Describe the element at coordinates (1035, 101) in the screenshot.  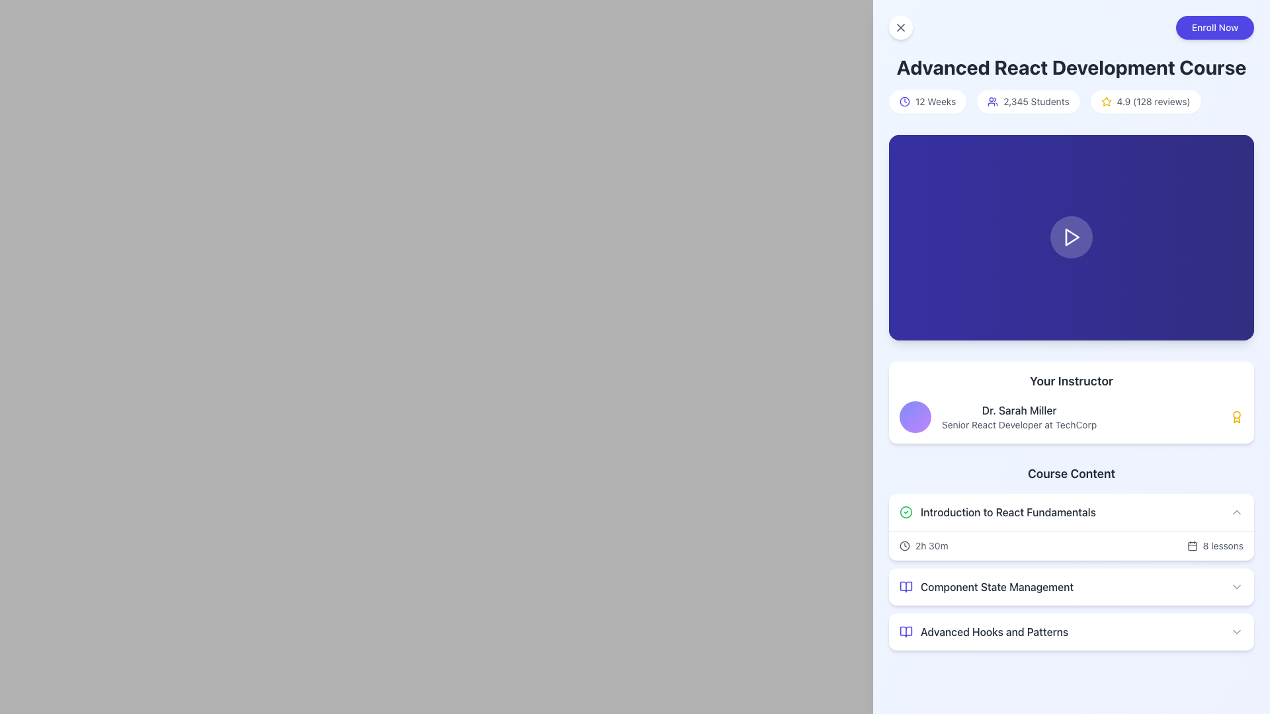
I see `the informational text label indicating the number of students enrolled in the course, which is centrally located across the top section of the interface` at that location.